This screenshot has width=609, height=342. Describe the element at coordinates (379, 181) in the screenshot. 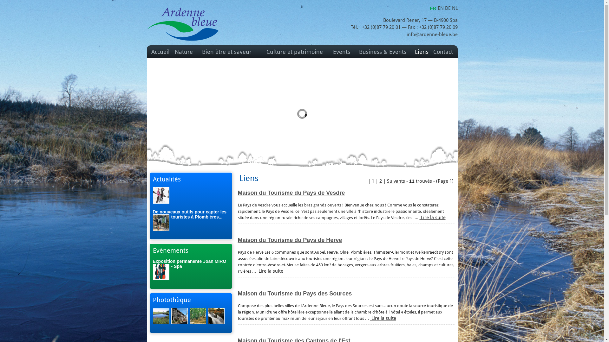

I see `'2'` at that location.